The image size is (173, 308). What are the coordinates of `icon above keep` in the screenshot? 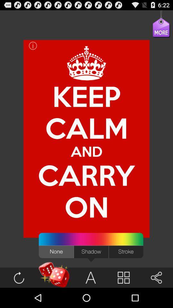 It's located at (33, 45).